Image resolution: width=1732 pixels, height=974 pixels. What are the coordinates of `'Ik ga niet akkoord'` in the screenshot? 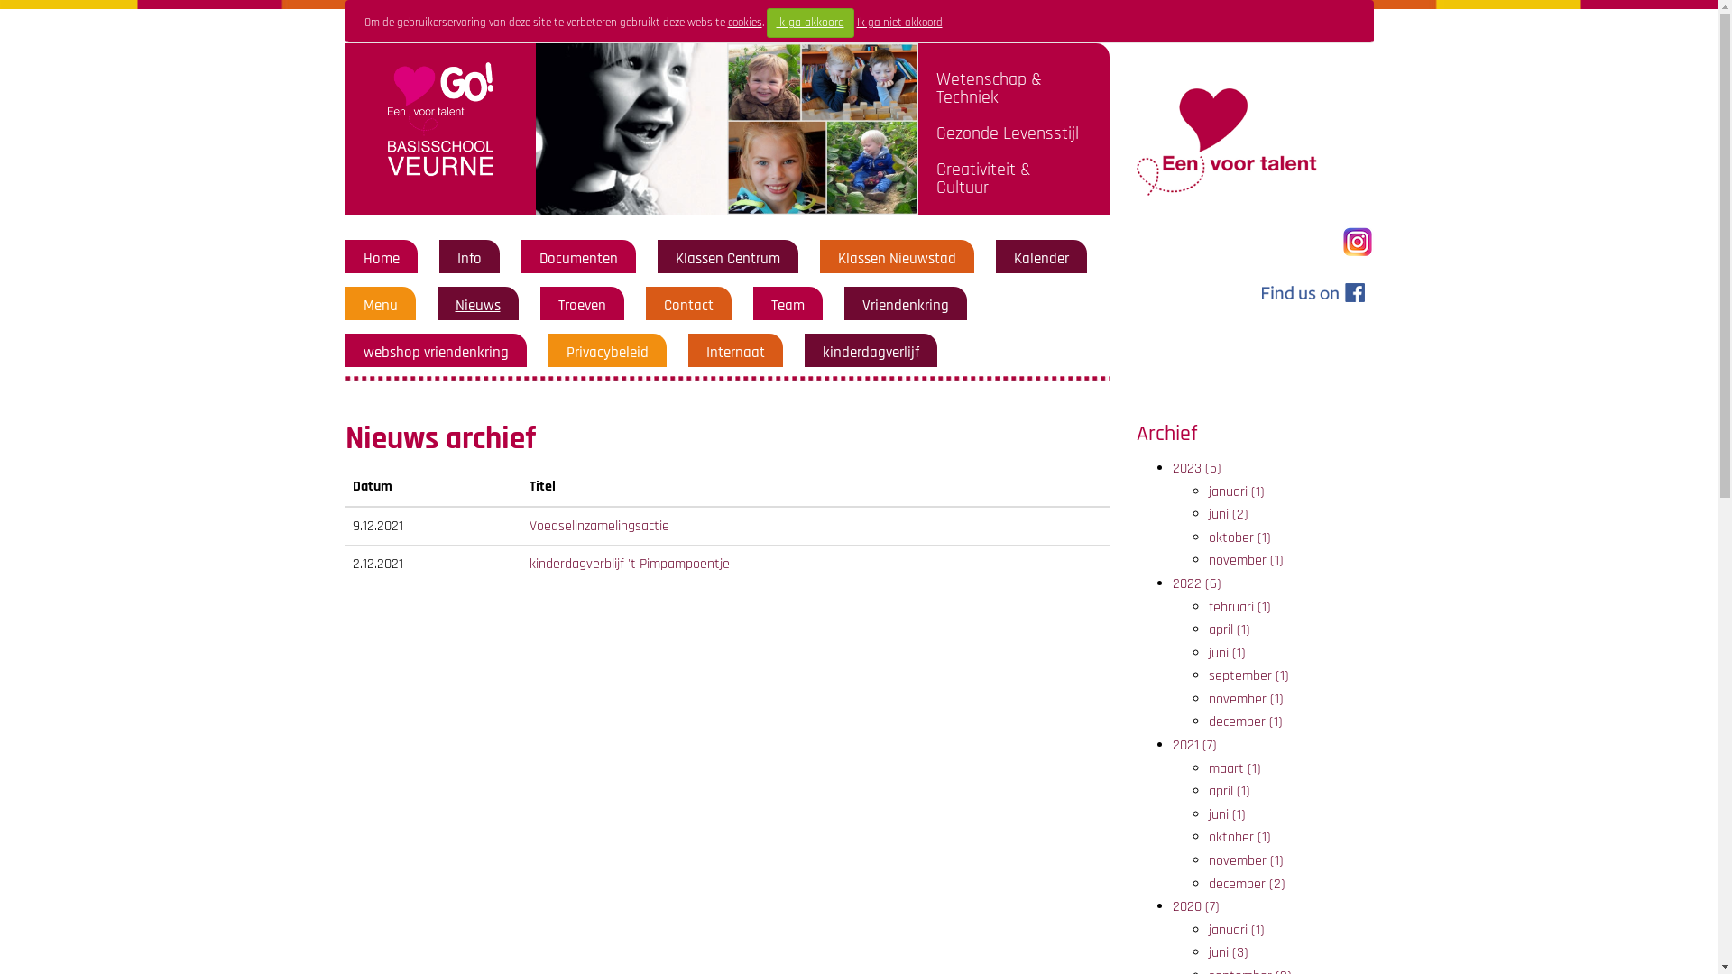 It's located at (899, 22).